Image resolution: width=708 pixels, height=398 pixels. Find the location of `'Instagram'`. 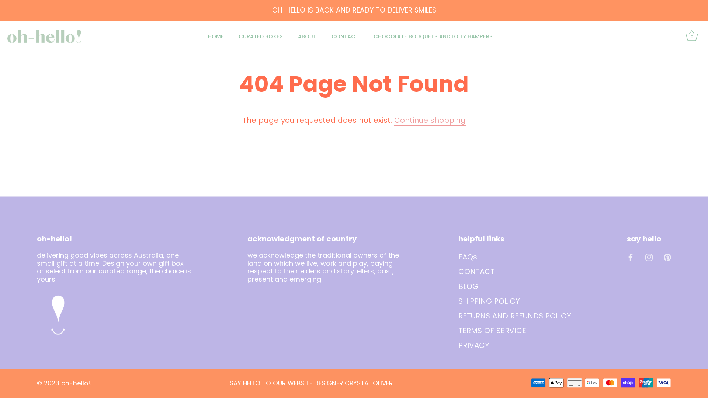

'Instagram' is located at coordinates (649, 256).